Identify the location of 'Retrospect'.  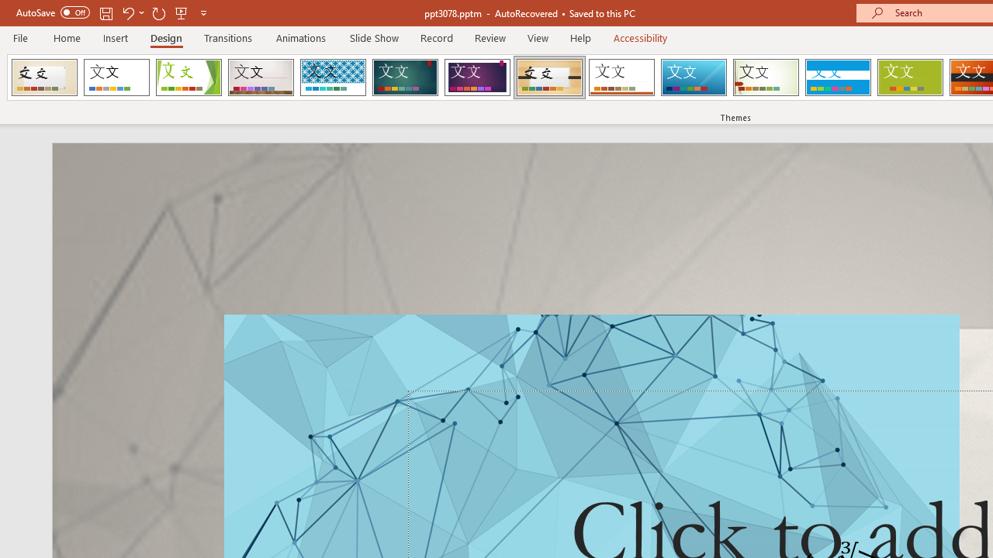
(621, 77).